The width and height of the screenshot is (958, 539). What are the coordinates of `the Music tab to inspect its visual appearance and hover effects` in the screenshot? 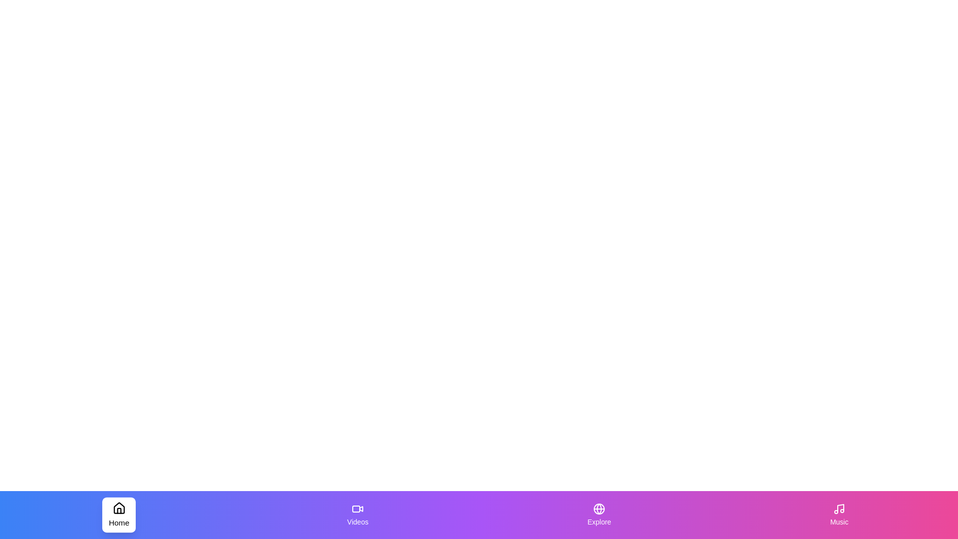 It's located at (838, 515).